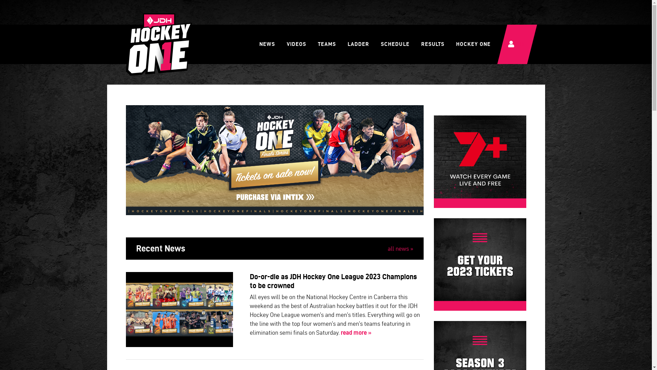 Image resolution: width=657 pixels, height=370 pixels. What do you see at coordinates (473, 44) in the screenshot?
I see `'HOCKEY ONE'` at bounding box center [473, 44].